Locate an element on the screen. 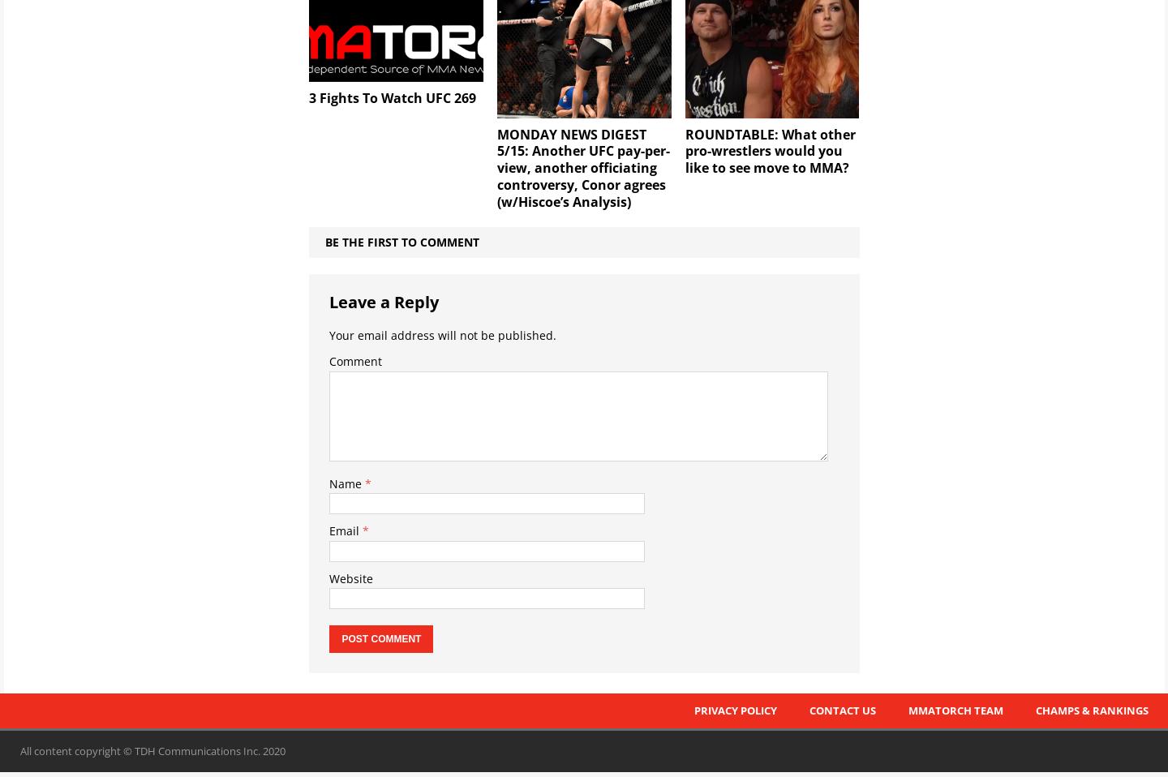 The width and height of the screenshot is (1168, 777). 'Name' is located at coordinates (328, 483).